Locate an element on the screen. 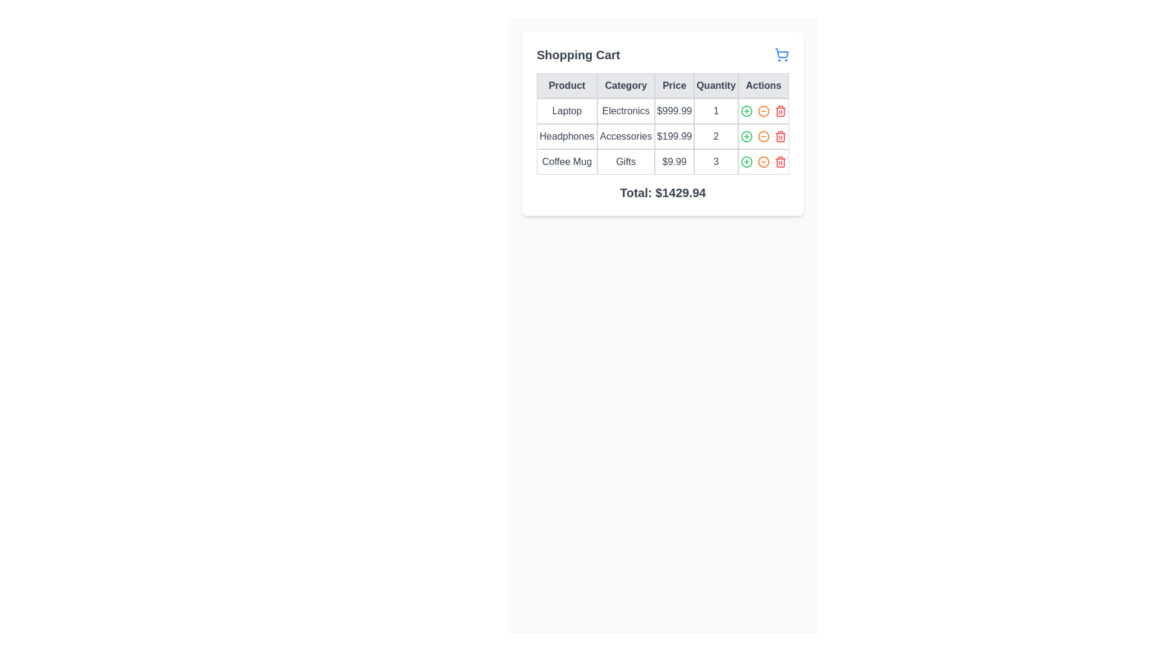 This screenshot has height=653, width=1162. the 'Category' header cell in the 'Shopping Cart' table, which is located between the 'Product' and 'Price' cells is located at coordinates (626, 85).